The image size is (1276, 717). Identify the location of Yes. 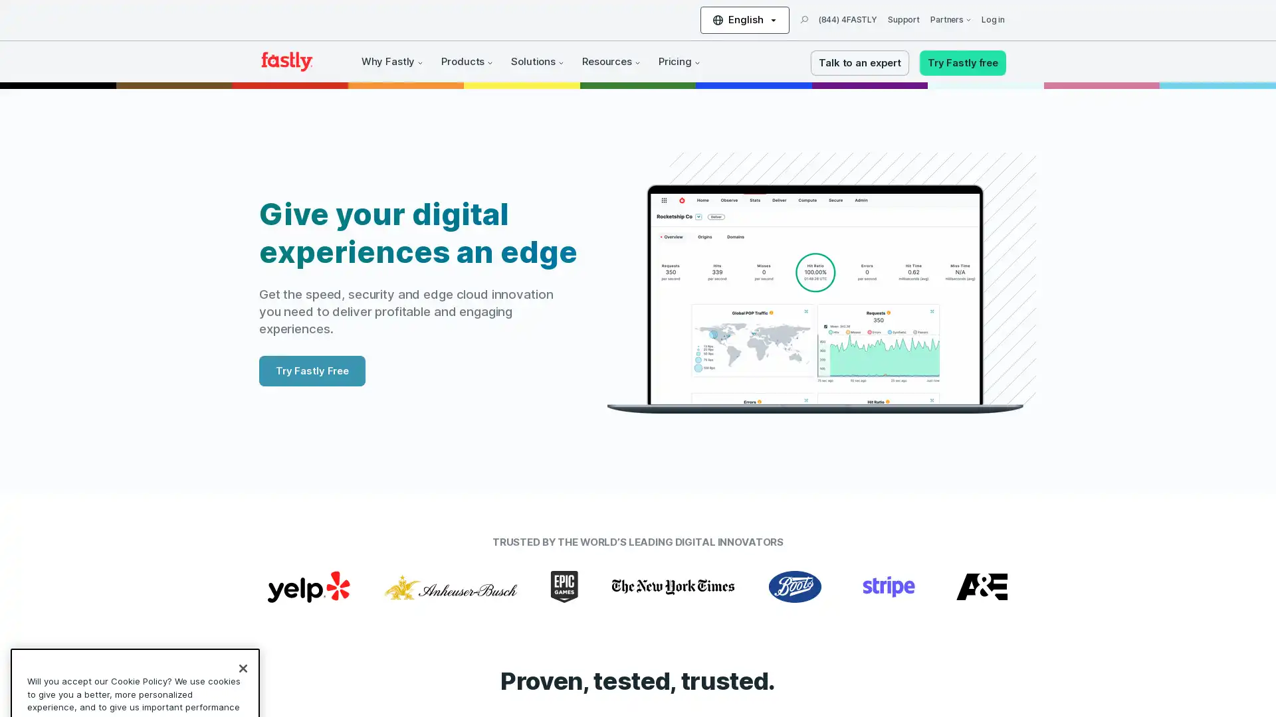
(135, 631).